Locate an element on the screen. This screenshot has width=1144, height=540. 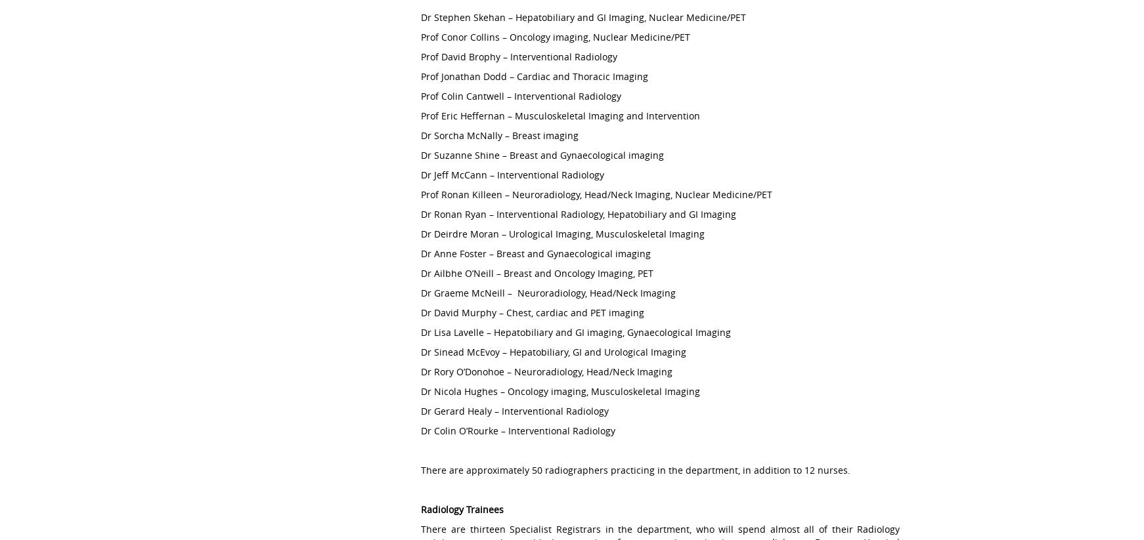
'Prof Eric Heffernan – Musculoskeletal Imaging and Intervention' is located at coordinates (560, 115).